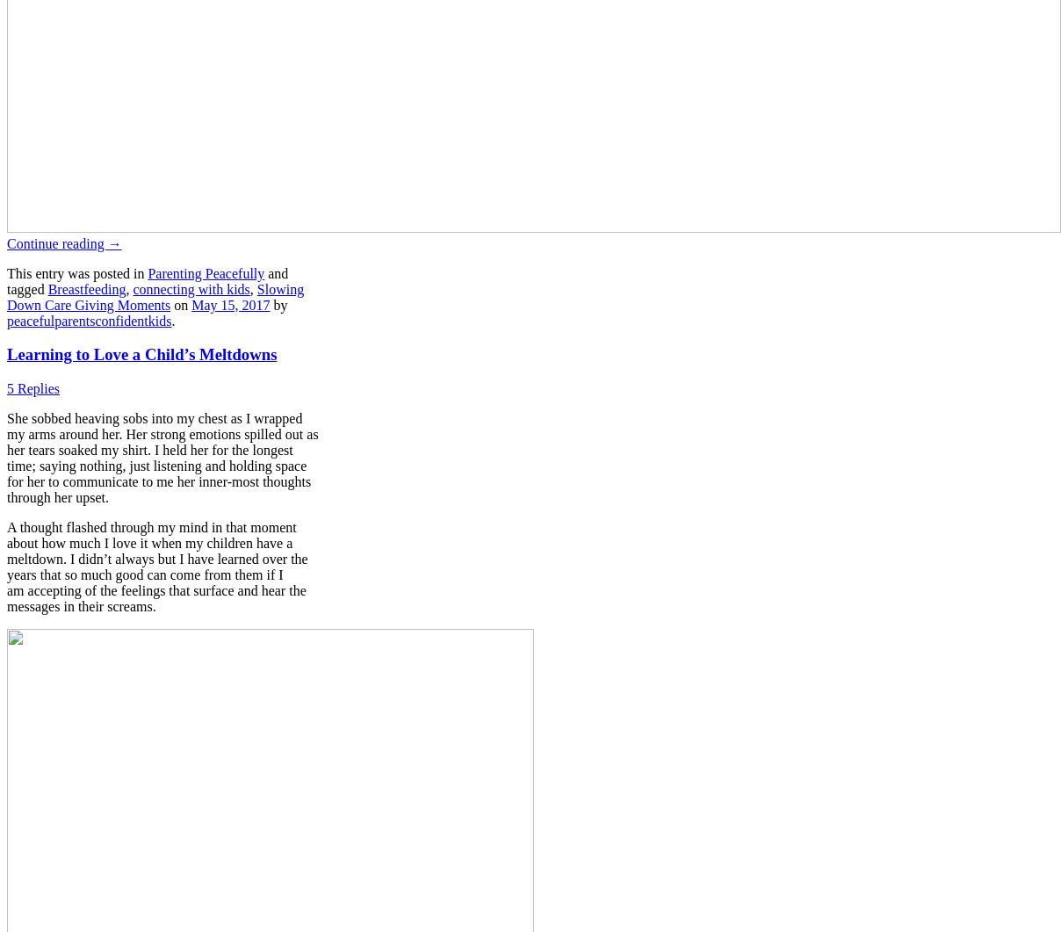  I want to click on 'This entry was posted in', so click(76, 271).